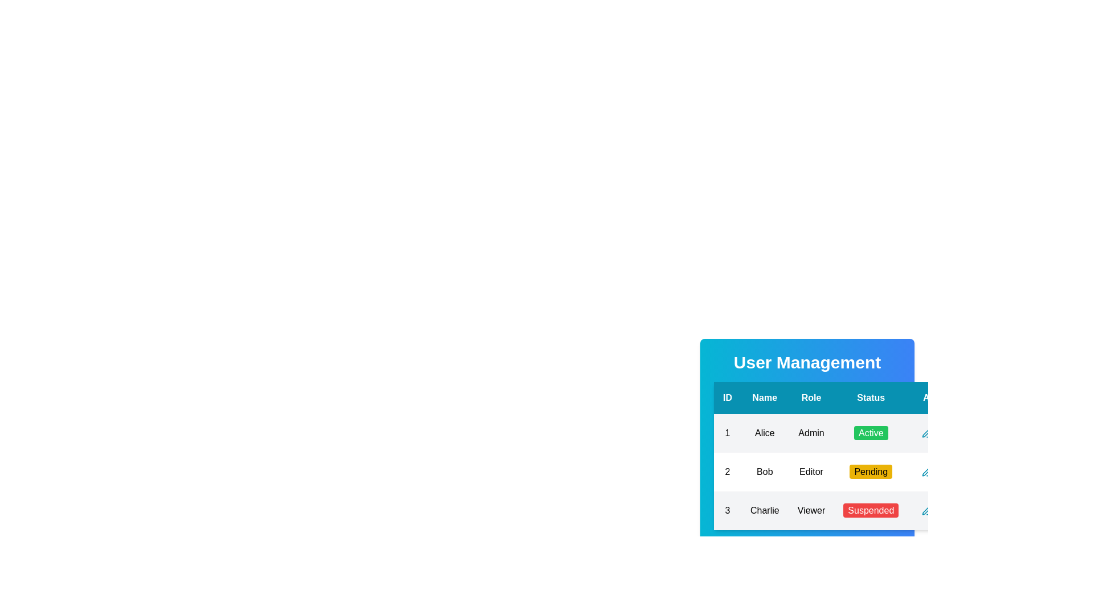 This screenshot has width=1094, height=615. Describe the element at coordinates (765, 510) in the screenshot. I see `the Text label displaying the name 'Charlie', located in the third row of the table under the 'Name' column` at that location.